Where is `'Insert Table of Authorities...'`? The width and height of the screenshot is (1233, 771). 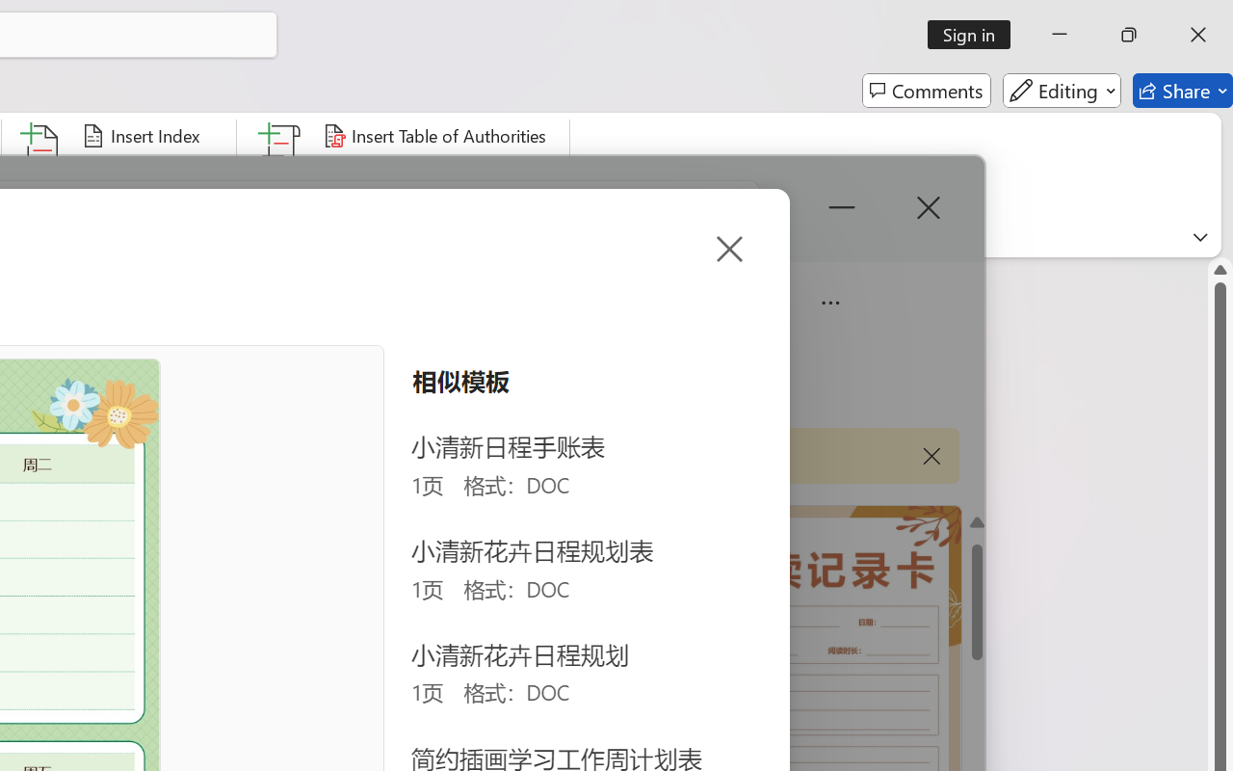 'Insert Table of Authorities...' is located at coordinates (436, 136).